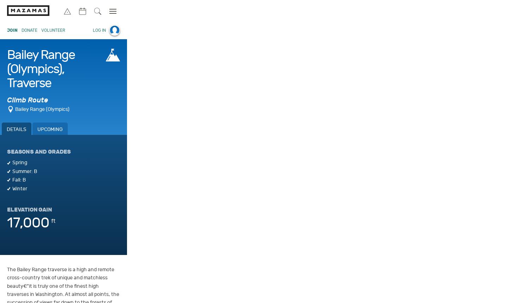 This screenshot has height=303, width=507. Describe the element at coordinates (6, 222) in the screenshot. I see `'17,000'` at that location.